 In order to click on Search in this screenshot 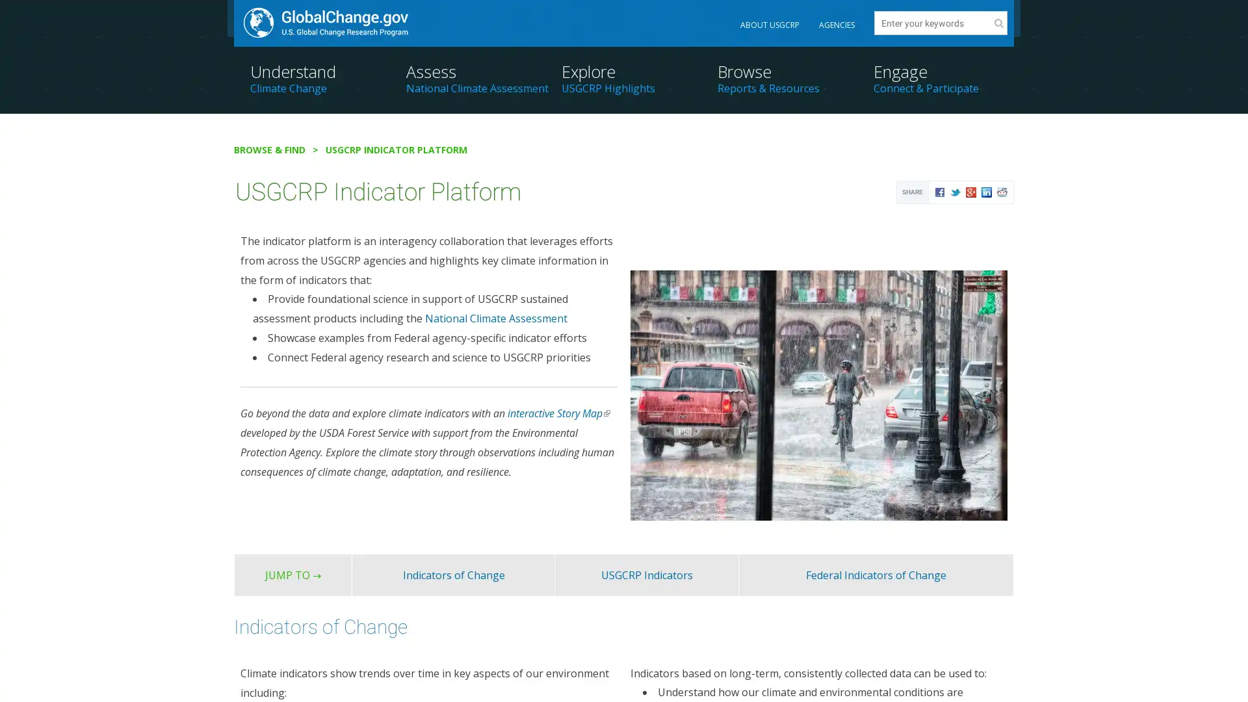, I will do `click(998, 23)`.